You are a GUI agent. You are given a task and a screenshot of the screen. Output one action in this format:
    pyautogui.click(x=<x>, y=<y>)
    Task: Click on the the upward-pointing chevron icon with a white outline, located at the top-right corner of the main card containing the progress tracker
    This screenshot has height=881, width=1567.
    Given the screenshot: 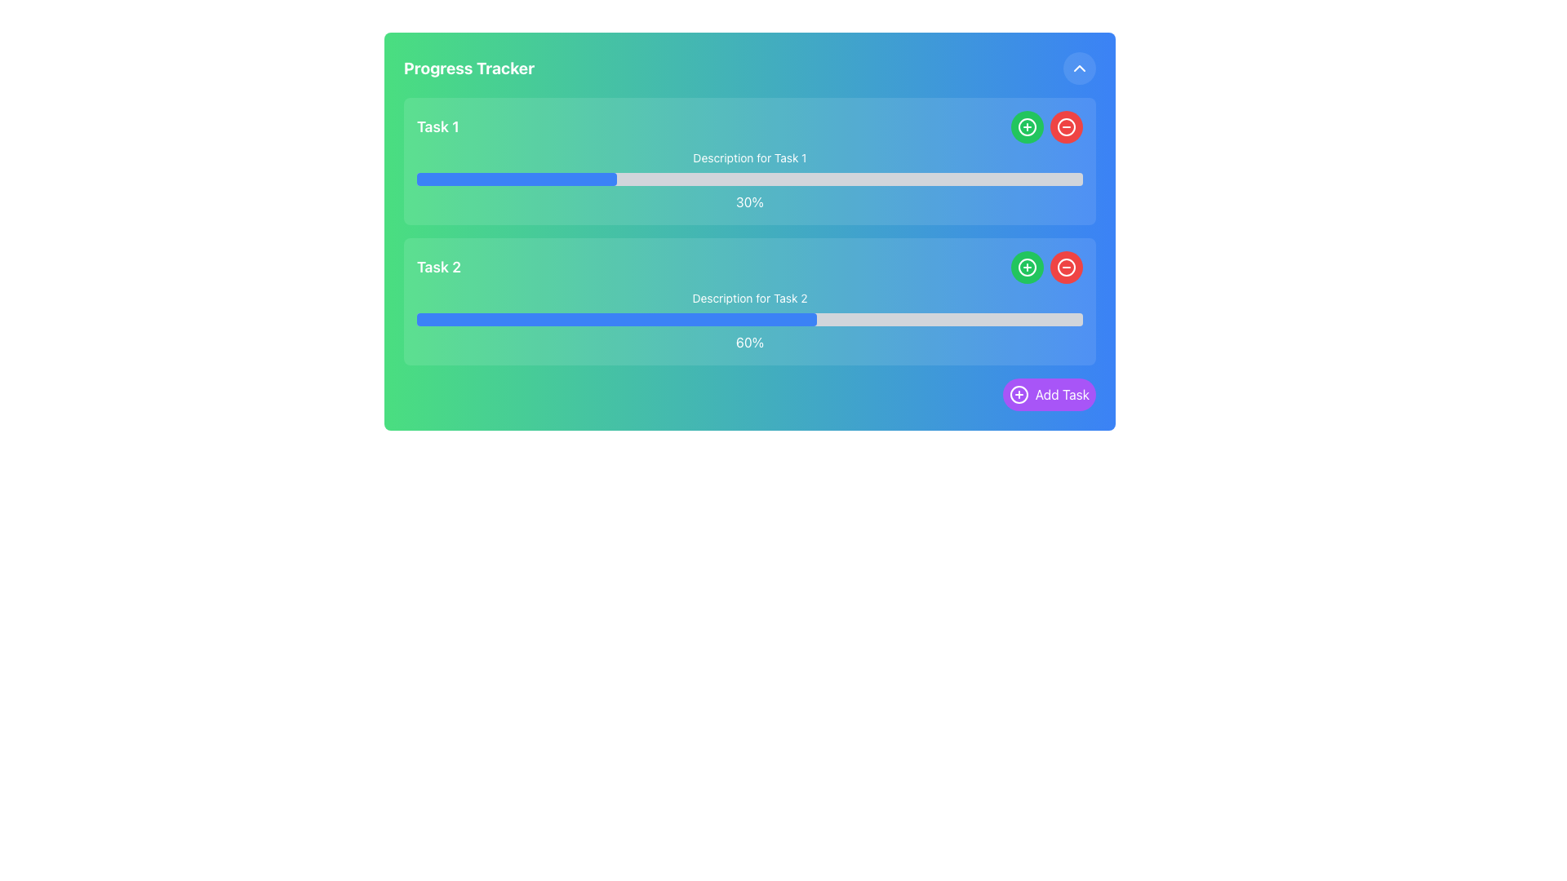 What is the action you would take?
    pyautogui.click(x=1080, y=68)
    